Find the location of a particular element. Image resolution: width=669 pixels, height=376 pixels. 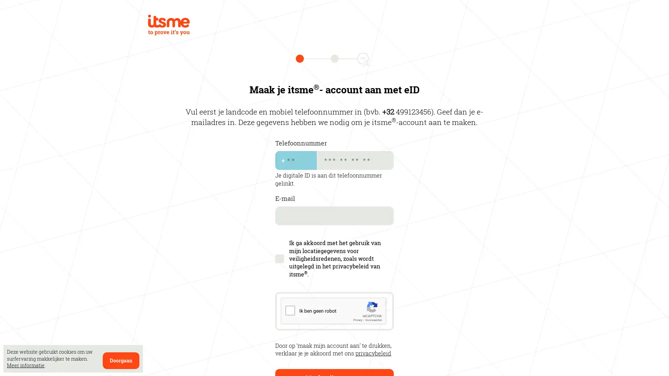

Doorgaan is located at coordinates (121, 360).